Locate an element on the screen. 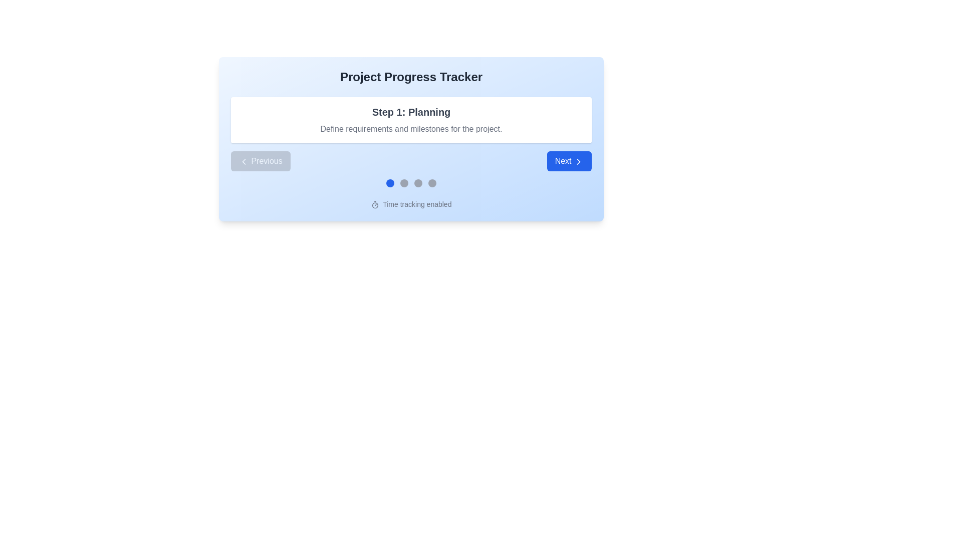  the informational card or header section located at the top middle of the Project Progress Tracker interface is located at coordinates (411, 139).